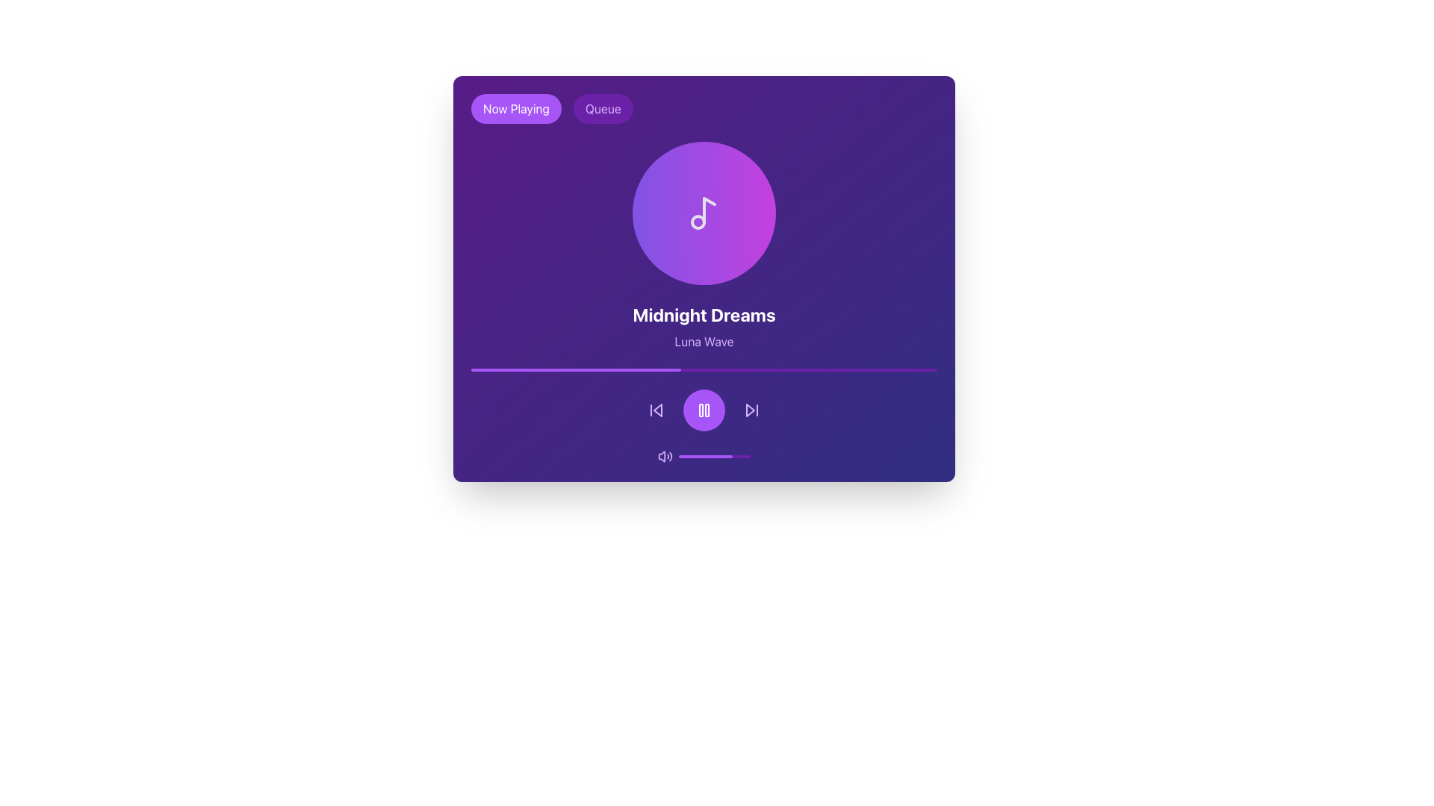  What do you see at coordinates (750, 410) in the screenshot?
I see `the triangular forward navigation icon located within a circular button at the bottom center of the interface for accessibility navigation` at bounding box center [750, 410].